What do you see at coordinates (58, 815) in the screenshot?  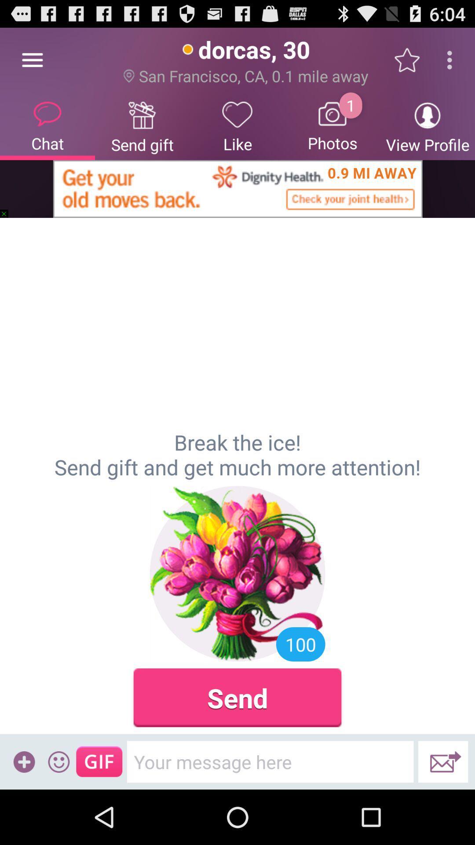 I see `the emoji icon` at bounding box center [58, 815].